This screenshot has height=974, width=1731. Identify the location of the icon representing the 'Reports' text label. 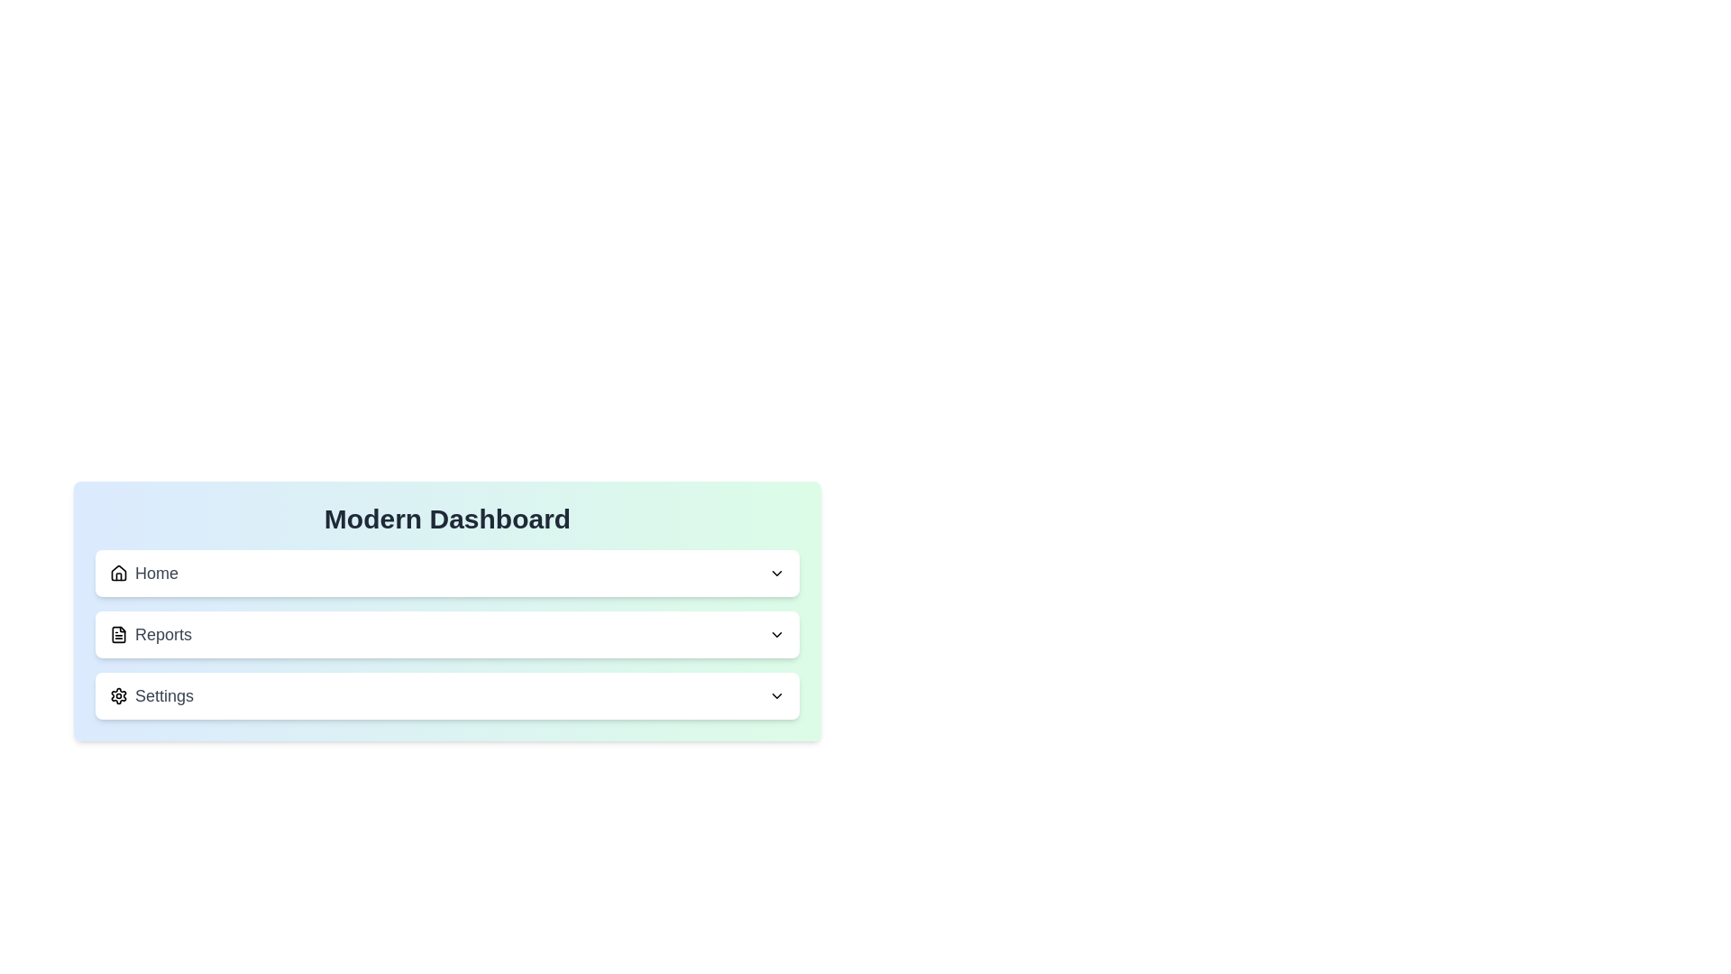
(118, 634).